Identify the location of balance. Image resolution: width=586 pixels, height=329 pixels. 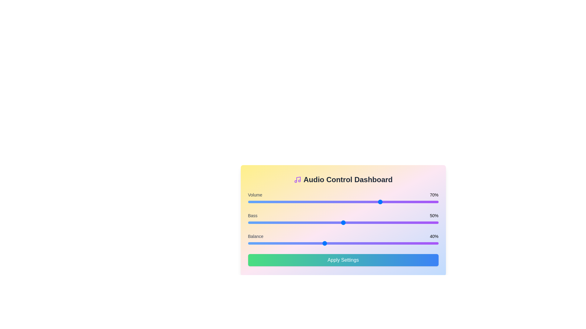
(294, 243).